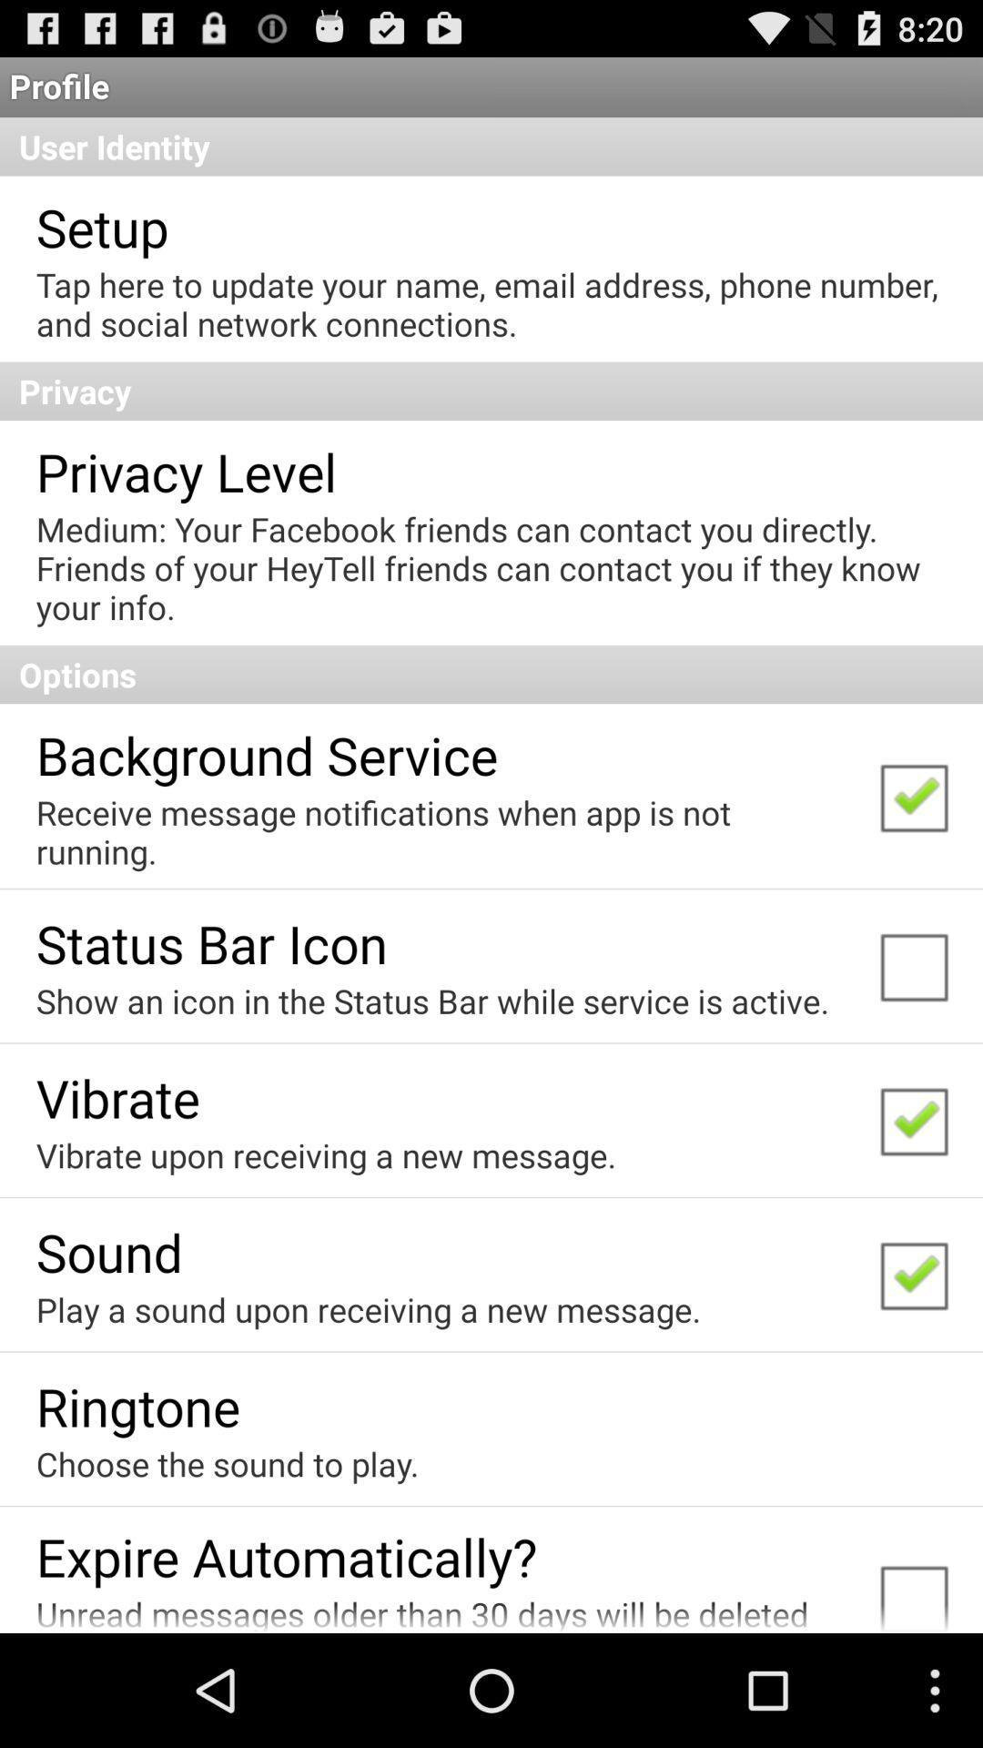 The image size is (983, 1748). Describe the element at coordinates (287, 1555) in the screenshot. I see `app above the unread messages older item` at that location.